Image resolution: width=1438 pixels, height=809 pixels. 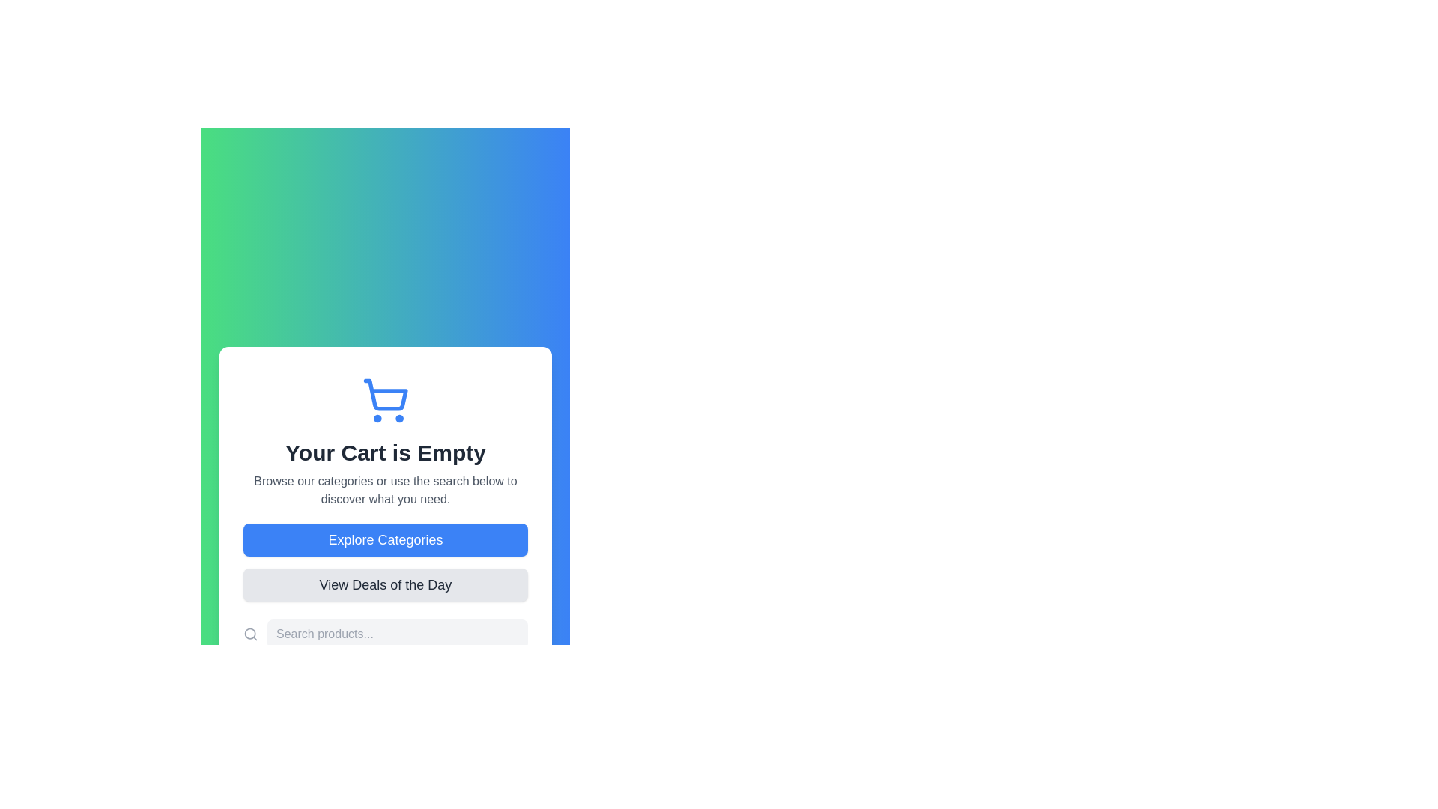 What do you see at coordinates (385, 584) in the screenshot?
I see `the button with the text 'View Deals of the Day', which has a light gray background and rounded corners` at bounding box center [385, 584].